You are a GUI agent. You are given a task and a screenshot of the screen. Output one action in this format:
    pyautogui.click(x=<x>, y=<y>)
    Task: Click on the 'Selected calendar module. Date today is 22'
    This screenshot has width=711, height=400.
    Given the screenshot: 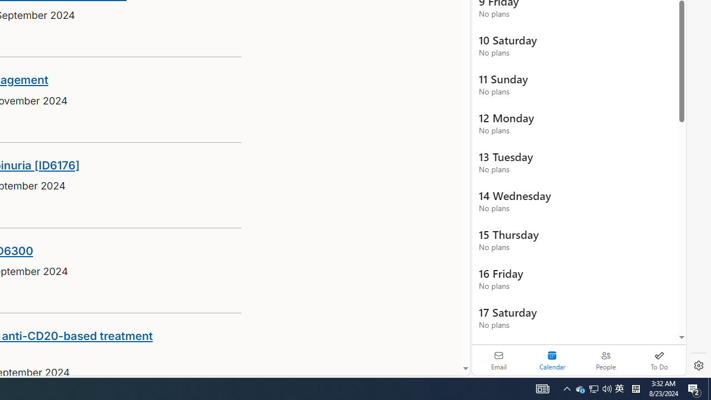 What is the action you would take?
    pyautogui.click(x=552, y=360)
    